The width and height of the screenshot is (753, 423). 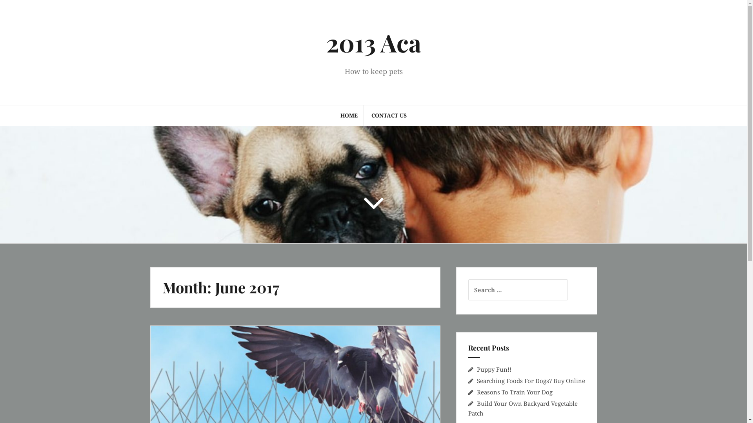 I want to click on 'CONTACT US', so click(x=389, y=115).